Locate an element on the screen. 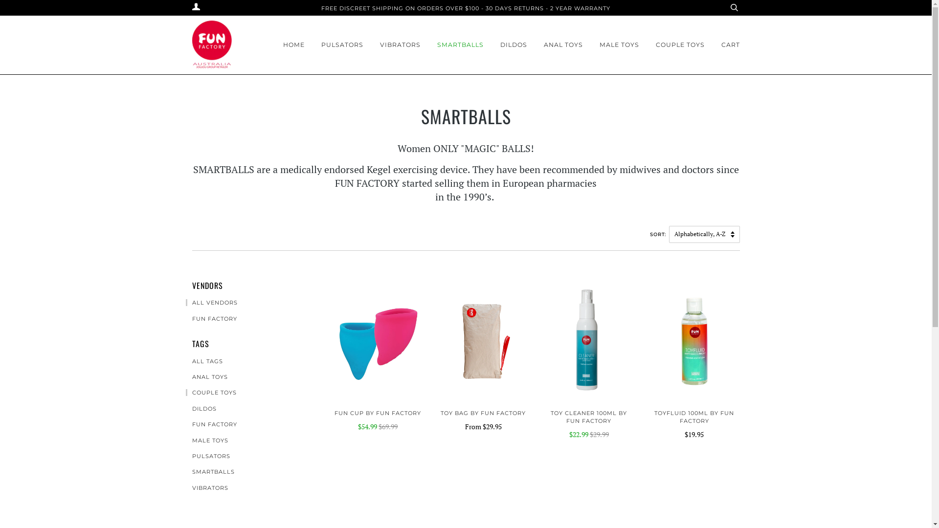 The height and width of the screenshot is (528, 939). 'FUN FACTORY' is located at coordinates (211, 318).